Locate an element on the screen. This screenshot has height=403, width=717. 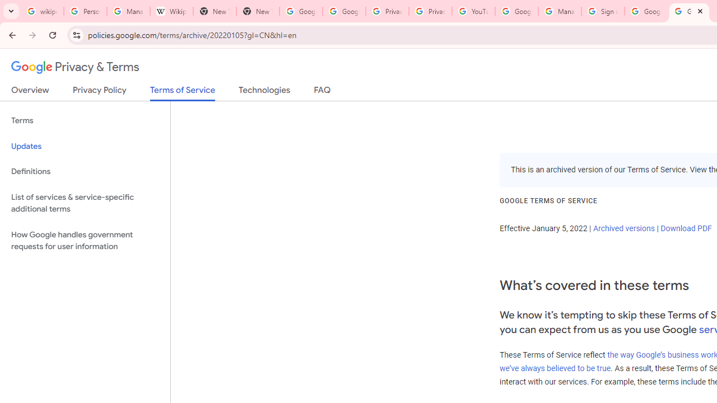
'New Tab' is located at coordinates (257, 11).